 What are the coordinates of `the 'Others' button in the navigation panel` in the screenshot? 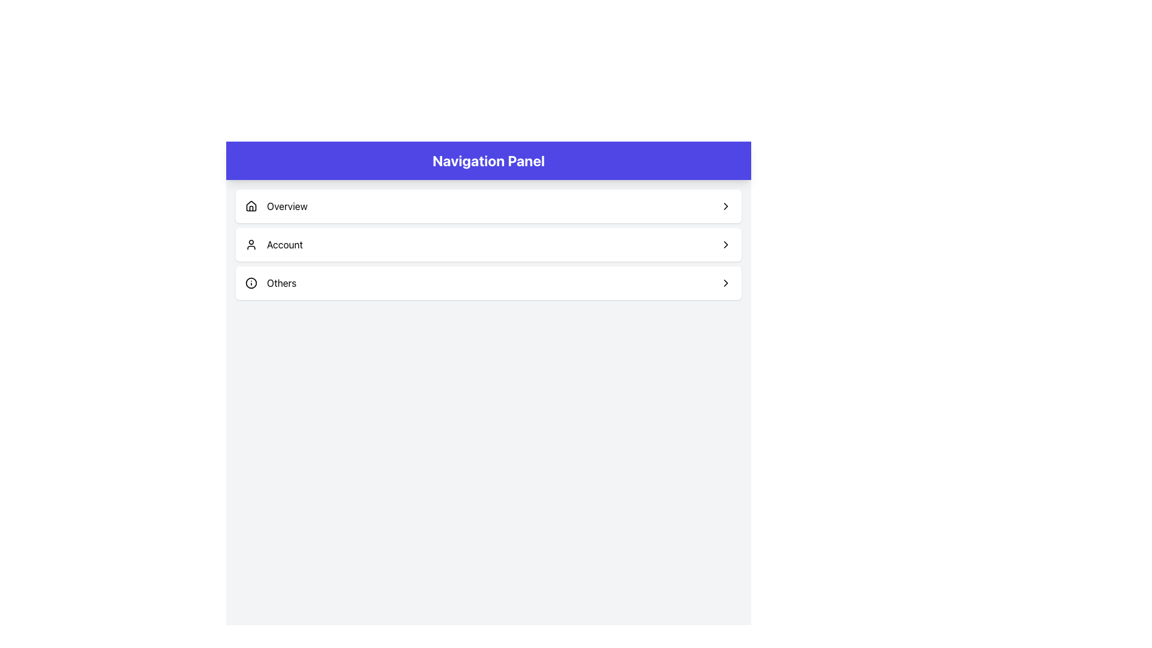 It's located at (488, 283).